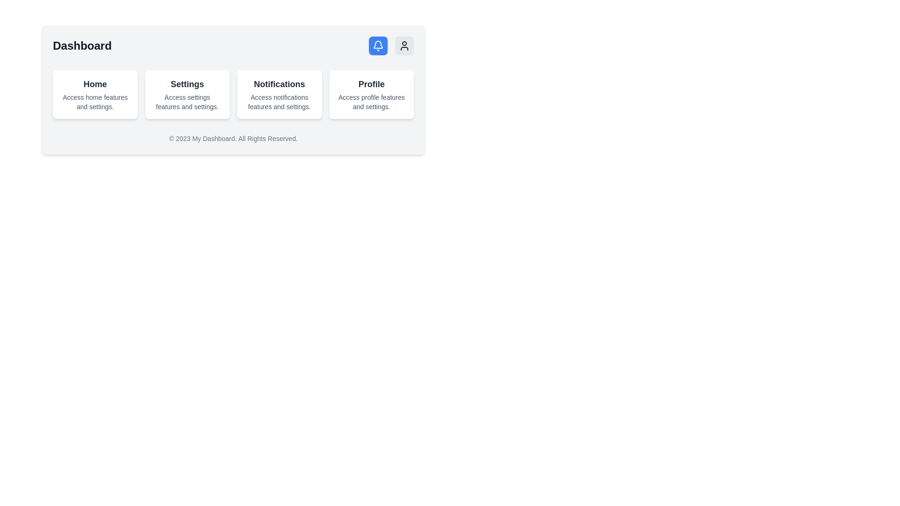  I want to click on the rounded rectangle button with a gray background containing a black user icon, so click(405, 45).